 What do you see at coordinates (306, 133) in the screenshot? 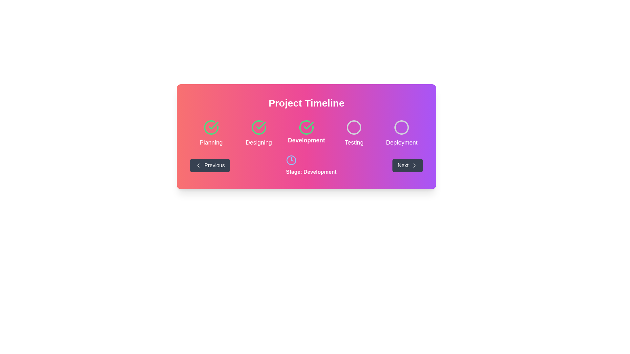
I see `Progress Tracker element located below the 'Project Timeline' header for status updates, which visually communicates project stages and their completion status` at bounding box center [306, 133].